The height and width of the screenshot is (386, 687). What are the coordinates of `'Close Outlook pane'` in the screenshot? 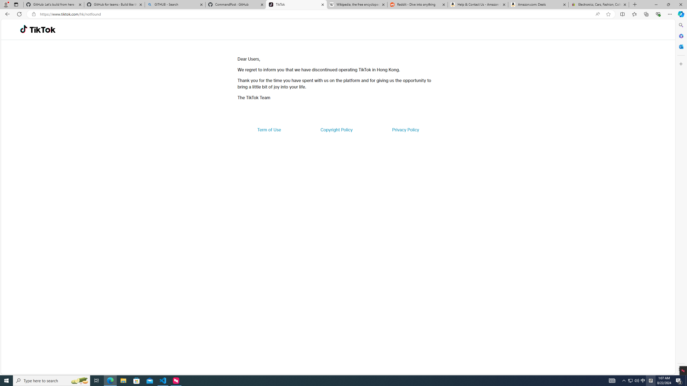 It's located at (680, 46).